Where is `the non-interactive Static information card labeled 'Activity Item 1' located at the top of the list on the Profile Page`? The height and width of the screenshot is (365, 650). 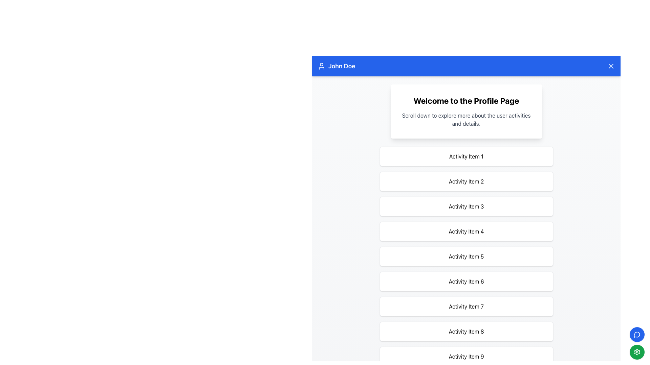 the non-interactive Static information card labeled 'Activity Item 1' located at the top of the list on the Profile Page is located at coordinates (466, 156).